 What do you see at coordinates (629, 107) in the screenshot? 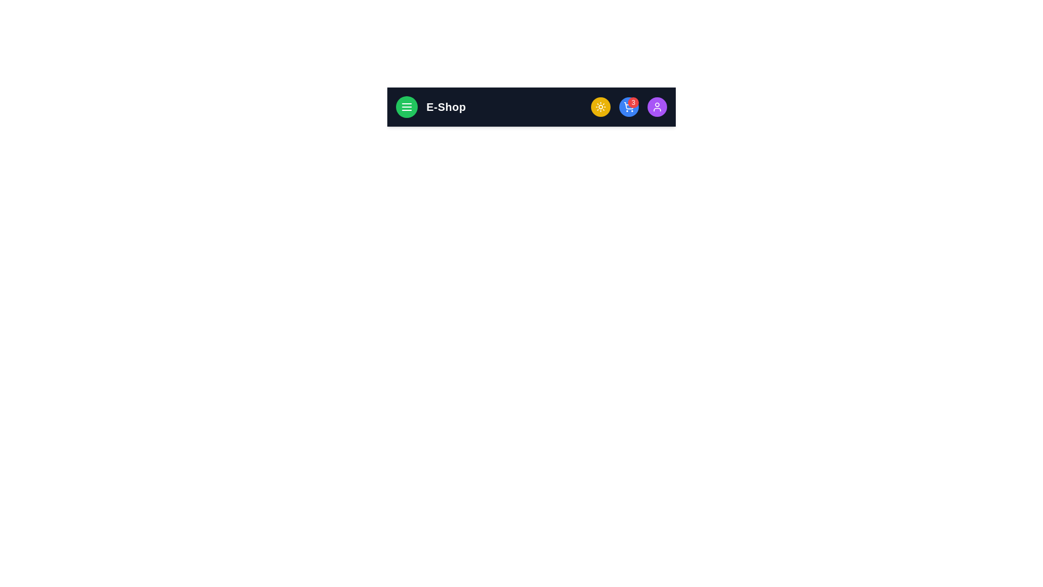
I see `the shopping cart button to open the cart` at bounding box center [629, 107].